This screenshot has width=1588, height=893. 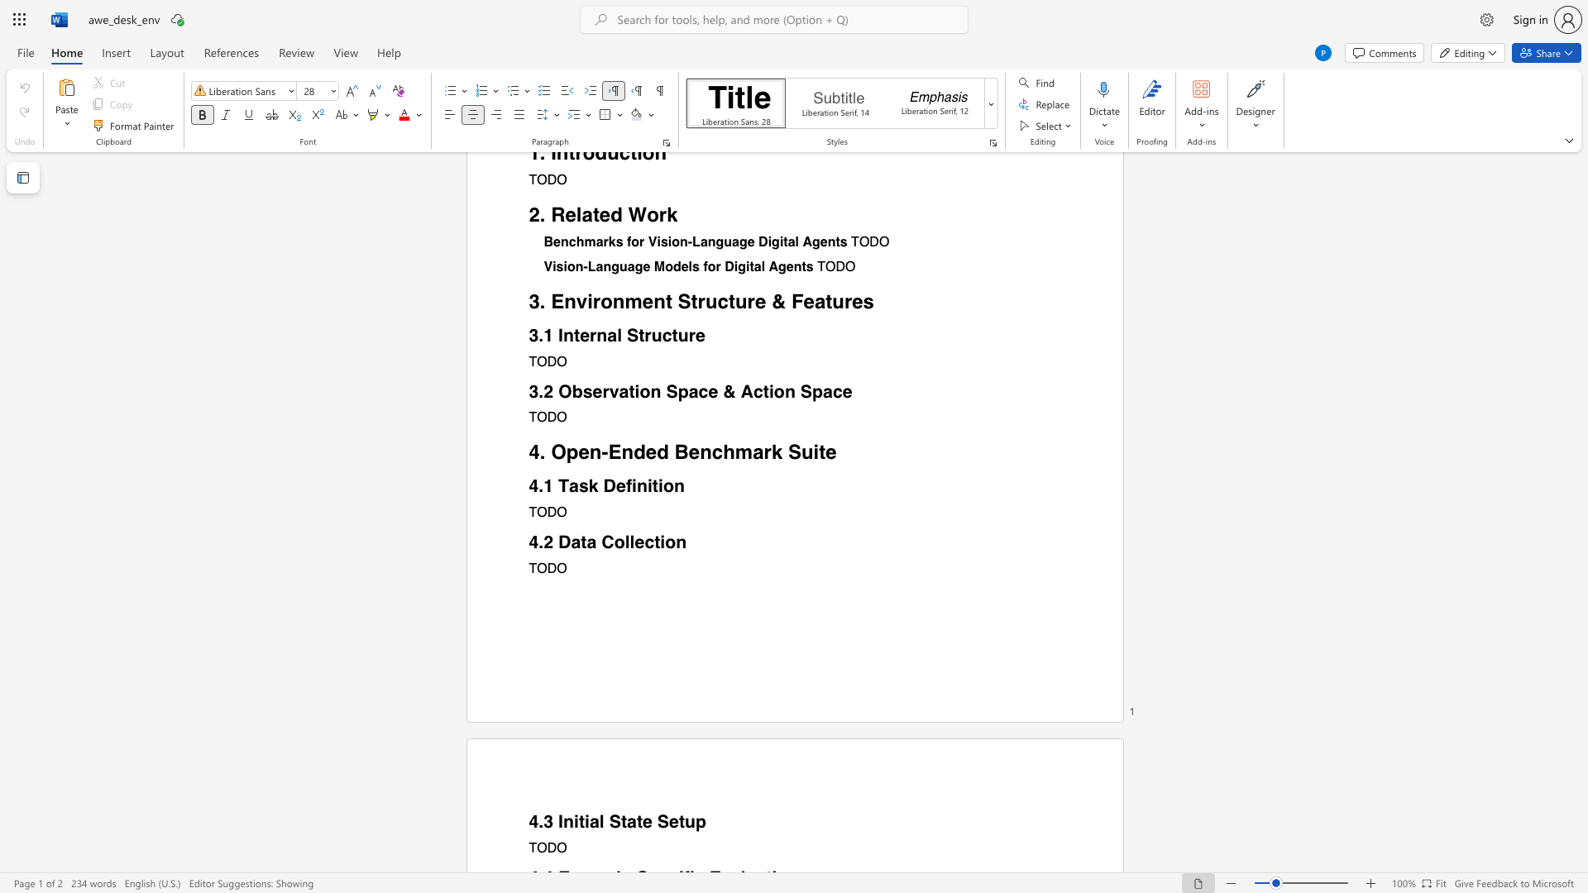 What do you see at coordinates (665, 542) in the screenshot?
I see `the subset text "on" within the text "4.2 Data Collection"` at bounding box center [665, 542].